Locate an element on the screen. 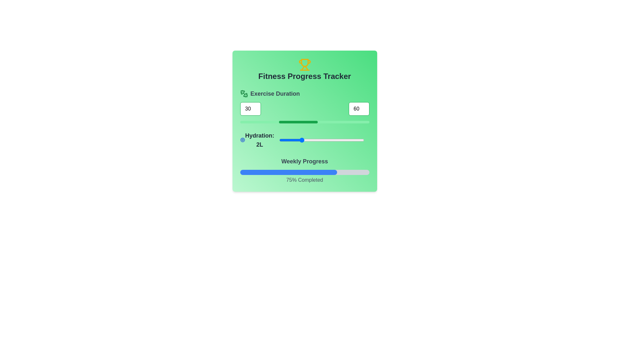 The image size is (620, 348). the Progress Bar located below the 'Exercise Duration' label, which visually represents the progress of exercise duration between the numerical input boxes (30 and 60) is located at coordinates (304, 122).